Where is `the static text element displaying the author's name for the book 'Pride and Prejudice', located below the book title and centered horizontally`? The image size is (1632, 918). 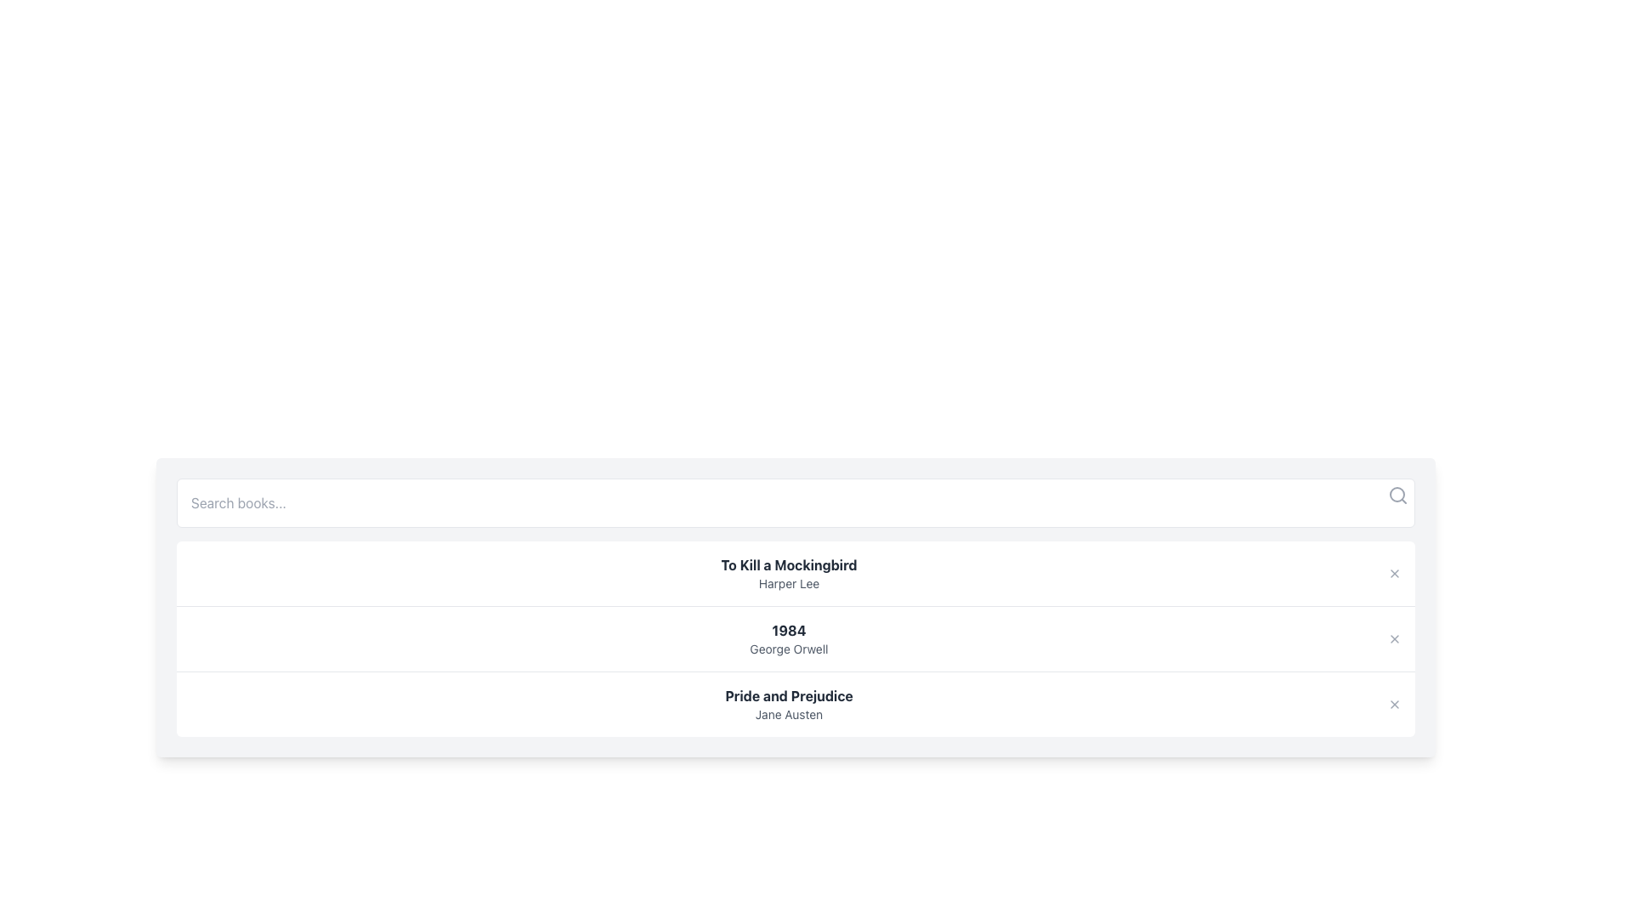
the static text element displaying the author's name for the book 'Pride and Prejudice', located below the book title and centered horizontally is located at coordinates (788, 714).